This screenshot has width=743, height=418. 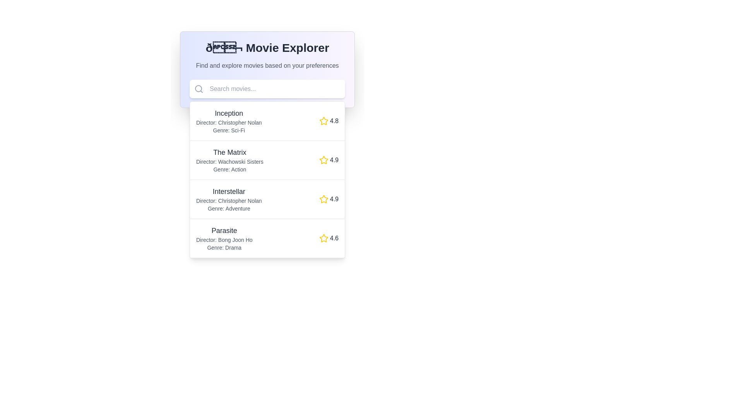 I want to click on the yellow outlined star icon for rating purposes located next to the rating number (4.8) under the 'Inception' movie entry, so click(x=324, y=121).